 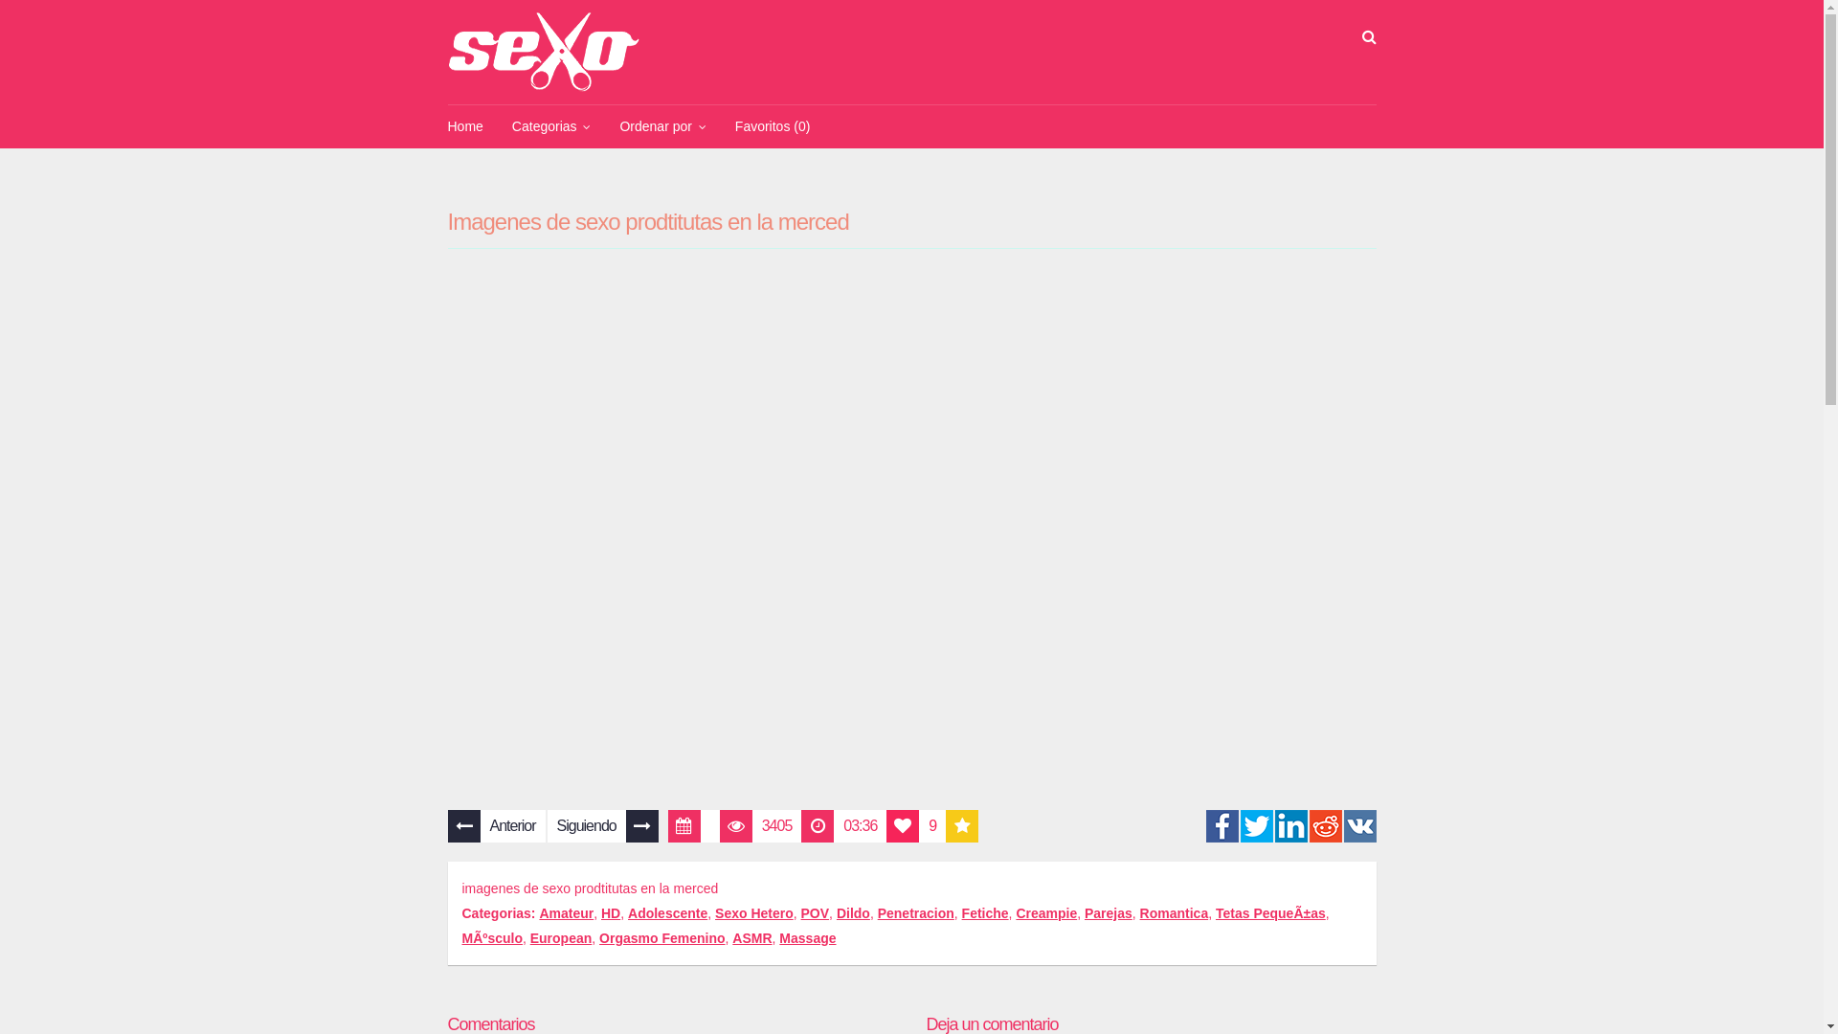 I want to click on 'Ordenar por', so click(x=604, y=126).